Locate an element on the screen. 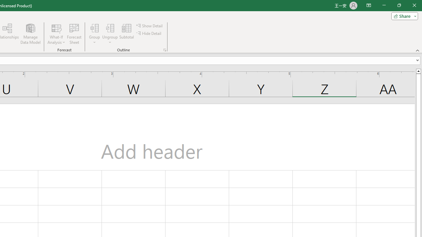 Image resolution: width=422 pixels, height=237 pixels. 'Minimize' is located at coordinates (384, 5).